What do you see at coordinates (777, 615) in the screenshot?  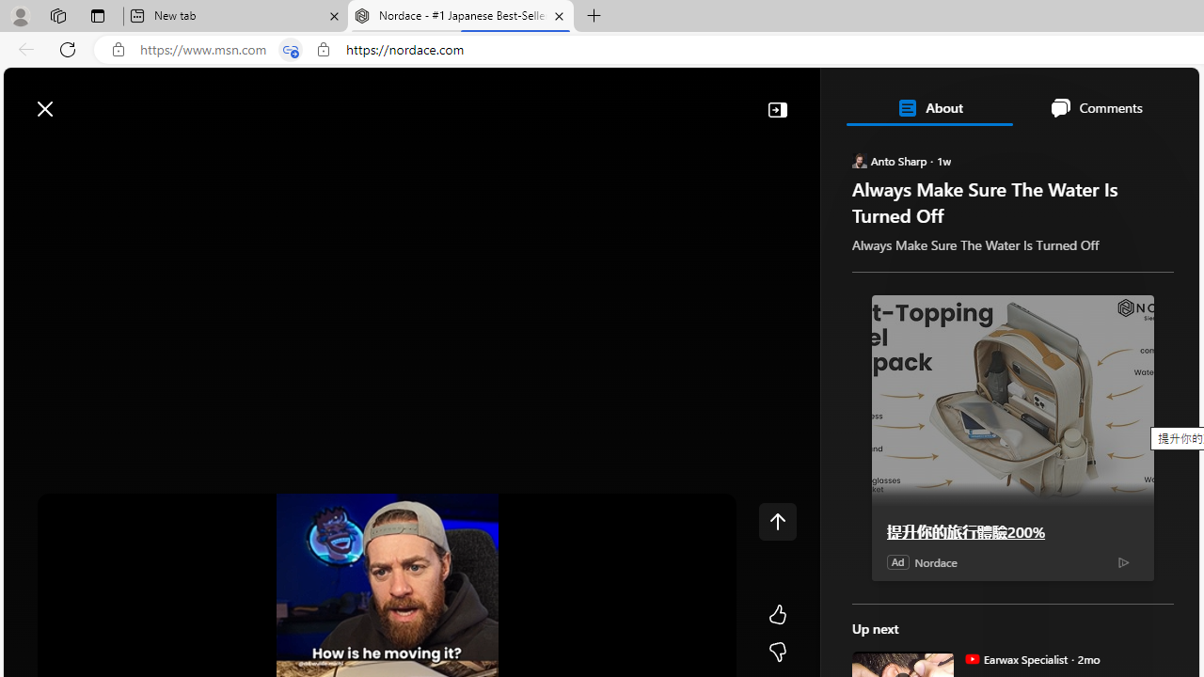 I see `'Like'` at bounding box center [777, 615].